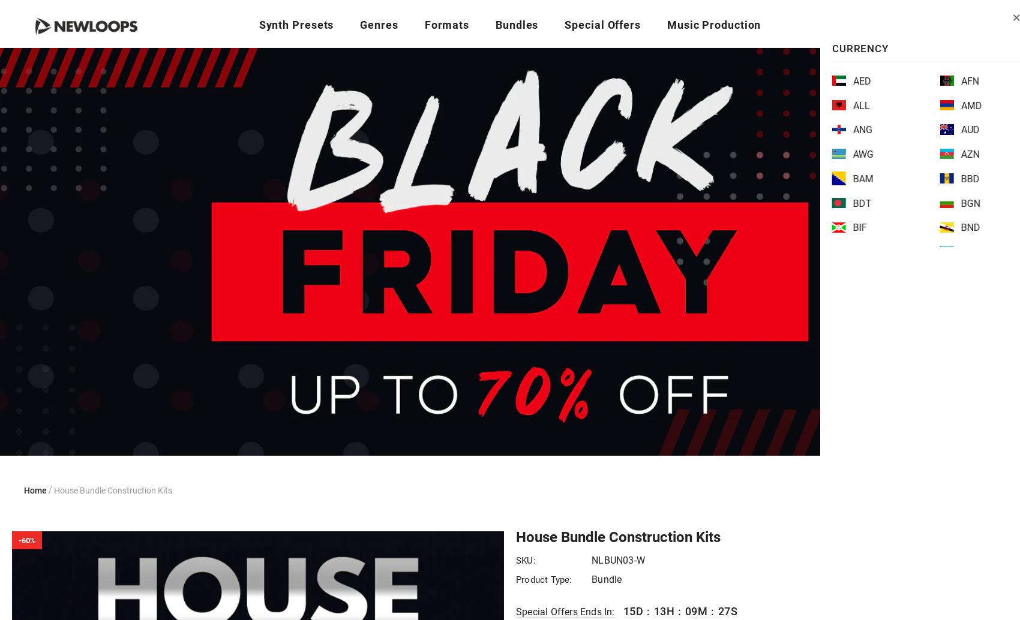  Describe the element at coordinates (617, 559) in the screenshot. I see `'NLBUN03-W'` at that location.